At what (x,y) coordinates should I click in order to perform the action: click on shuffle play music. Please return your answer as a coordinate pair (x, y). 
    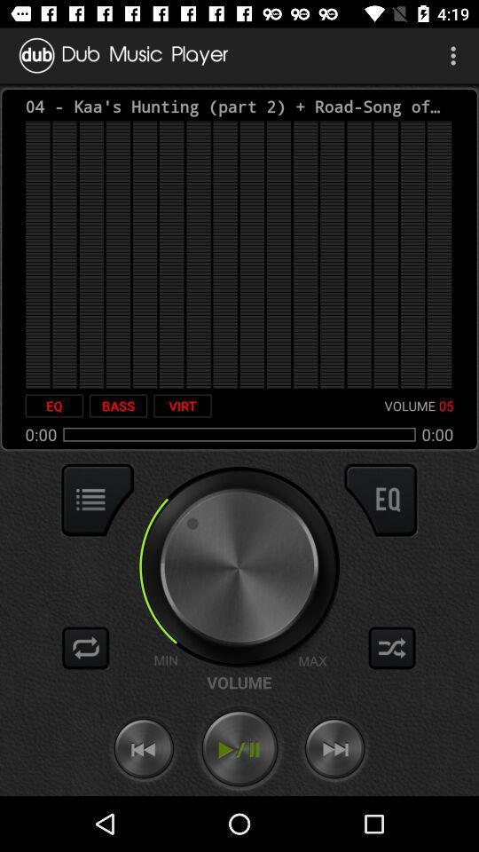
    Looking at the image, I should click on (392, 647).